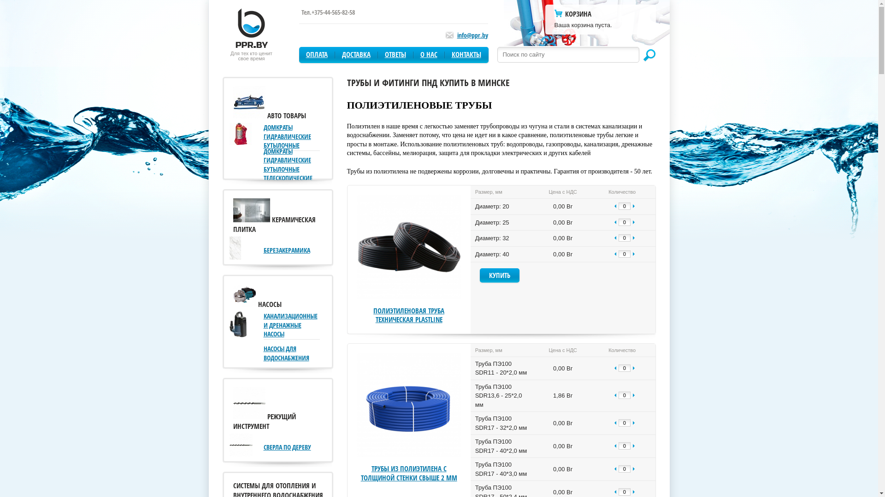  I want to click on '+', so click(633, 206).